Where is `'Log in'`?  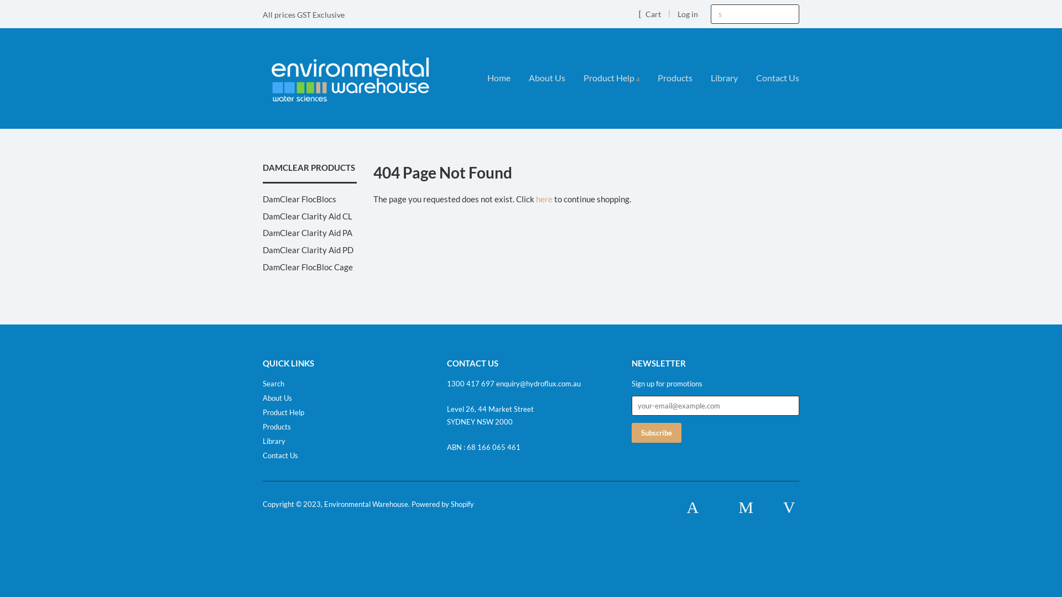 'Log in' is located at coordinates (687, 14).